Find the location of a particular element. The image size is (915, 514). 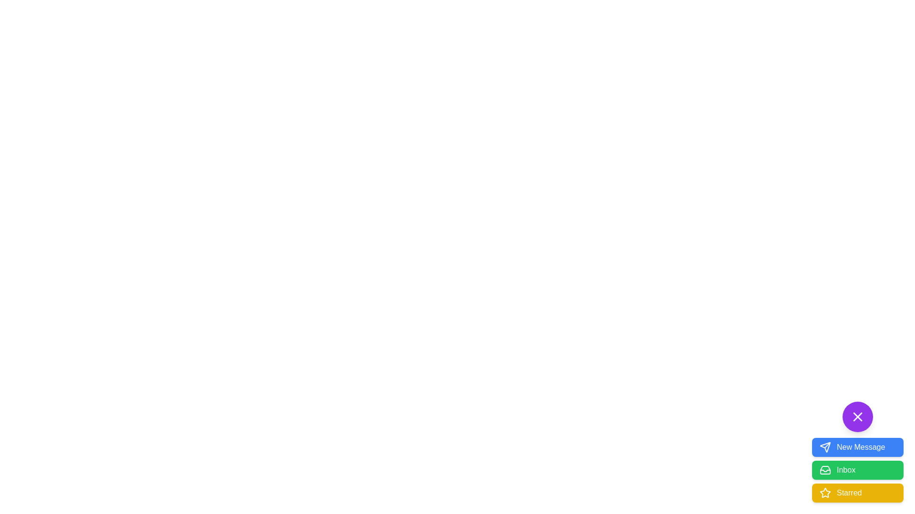

the green button labeled 'Inbox' that contains the inbox tray icon positioned to the left of the text label is located at coordinates (825, 469).